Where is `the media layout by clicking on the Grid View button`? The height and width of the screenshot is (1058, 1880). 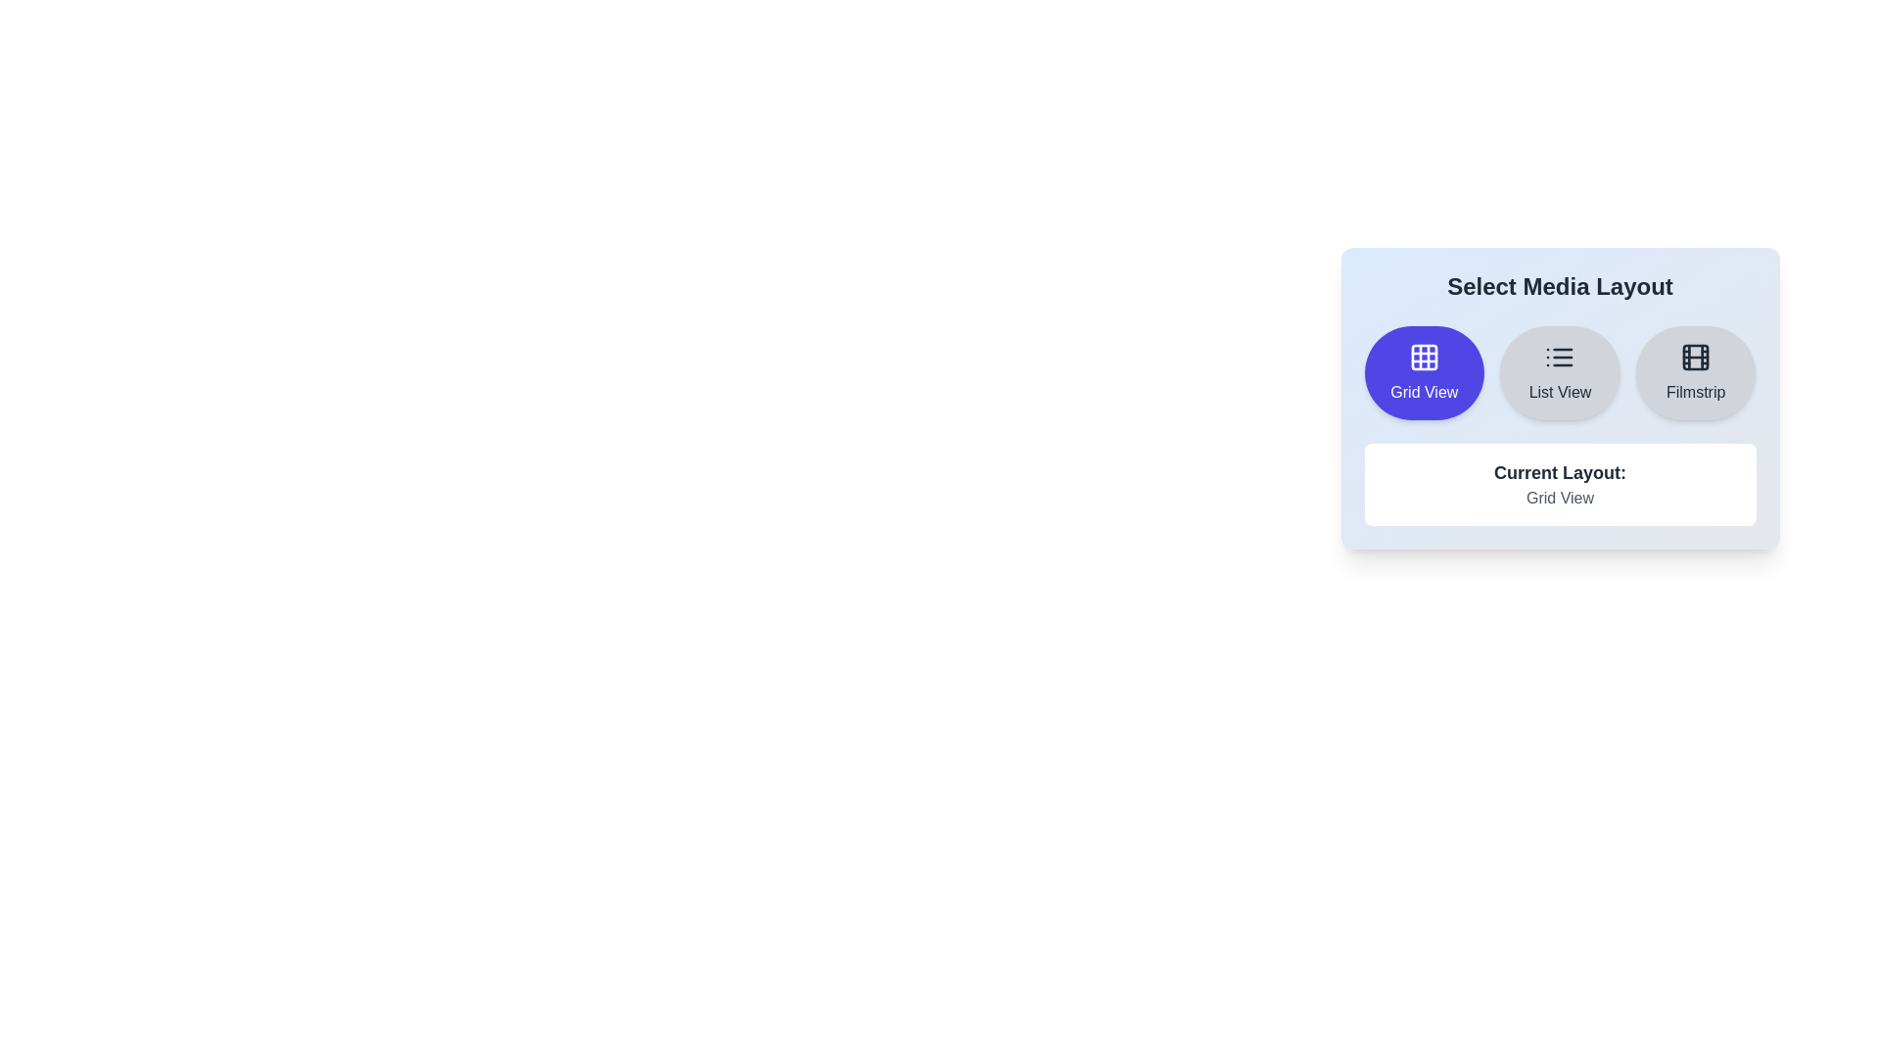
the media layout by clicking on the Grid View button is located at coordinates (1424, 373).